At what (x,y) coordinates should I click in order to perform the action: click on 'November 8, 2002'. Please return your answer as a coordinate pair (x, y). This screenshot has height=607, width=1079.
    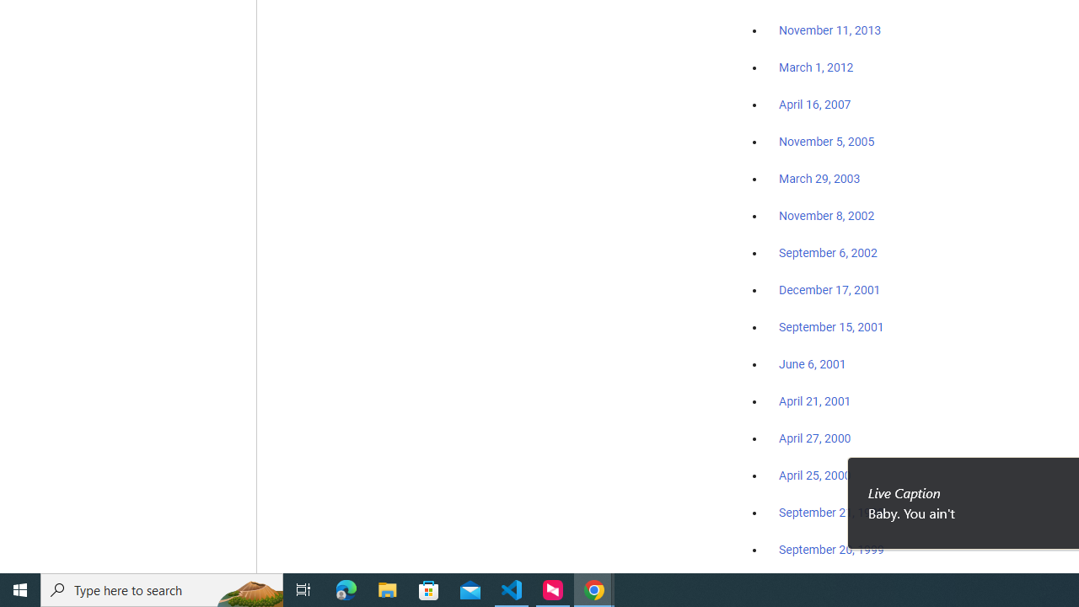
    Looking at the image, I should click on (827, 215).